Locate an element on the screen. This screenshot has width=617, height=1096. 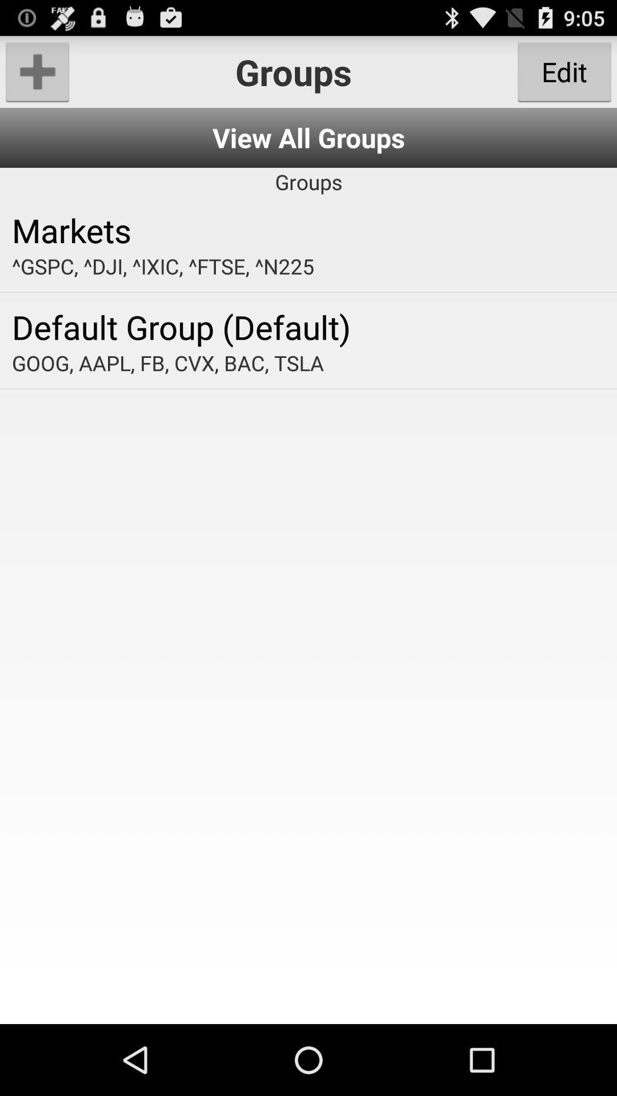
the gspc dji ixic item is located at coordinates (308, 265).